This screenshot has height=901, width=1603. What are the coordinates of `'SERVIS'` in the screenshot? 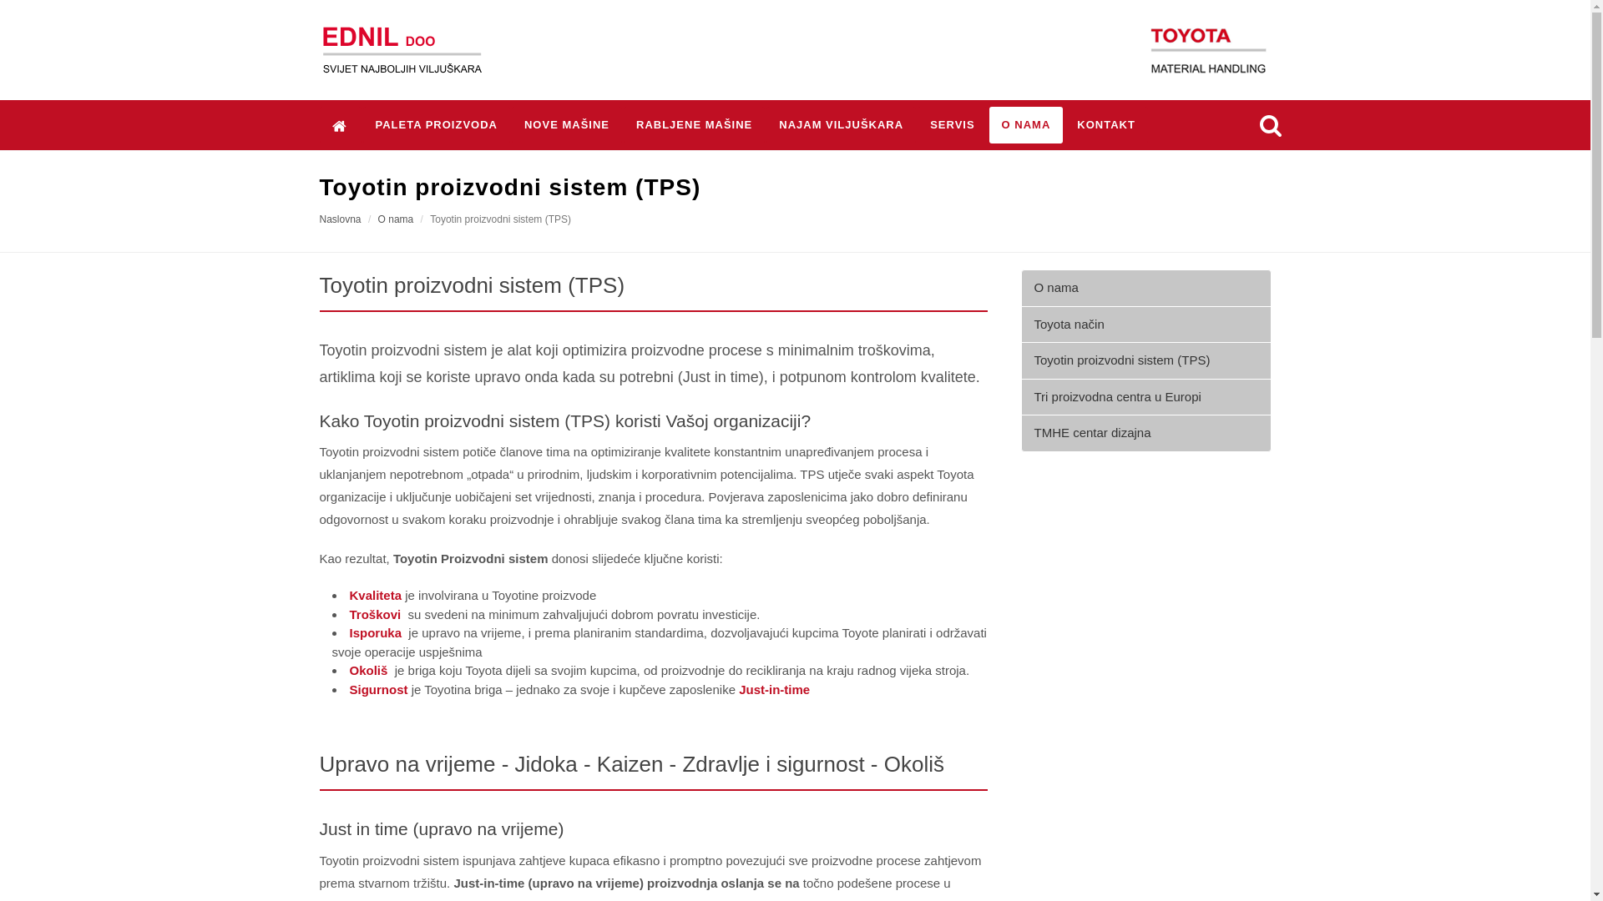 It's located at (952, 124).